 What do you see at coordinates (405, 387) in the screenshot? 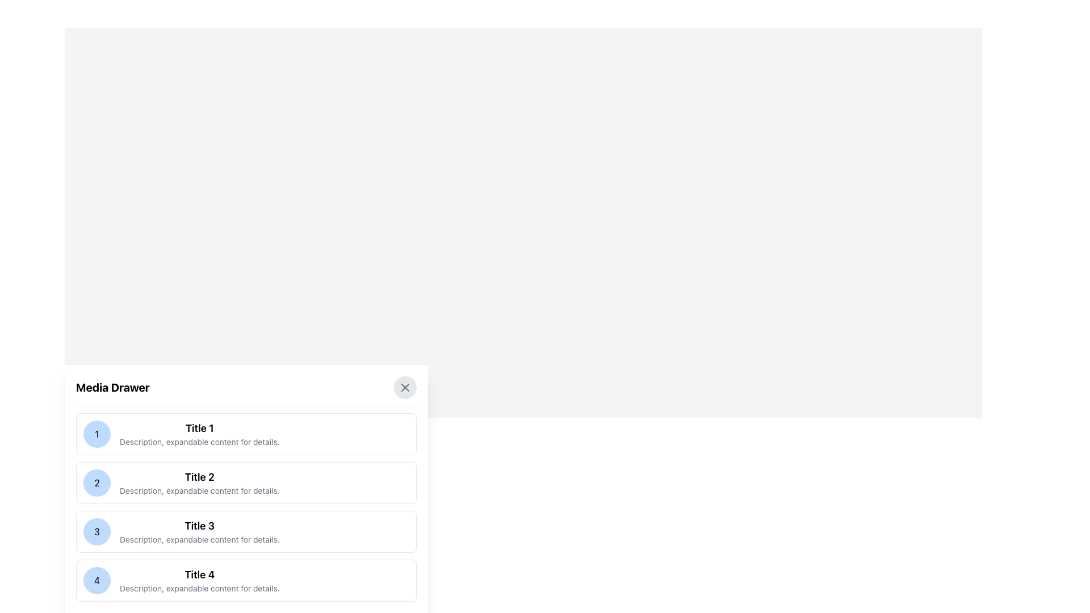
I see `the circular button with a light gray background and a dark gray 'X' icon` at bounding box center [405, 387].